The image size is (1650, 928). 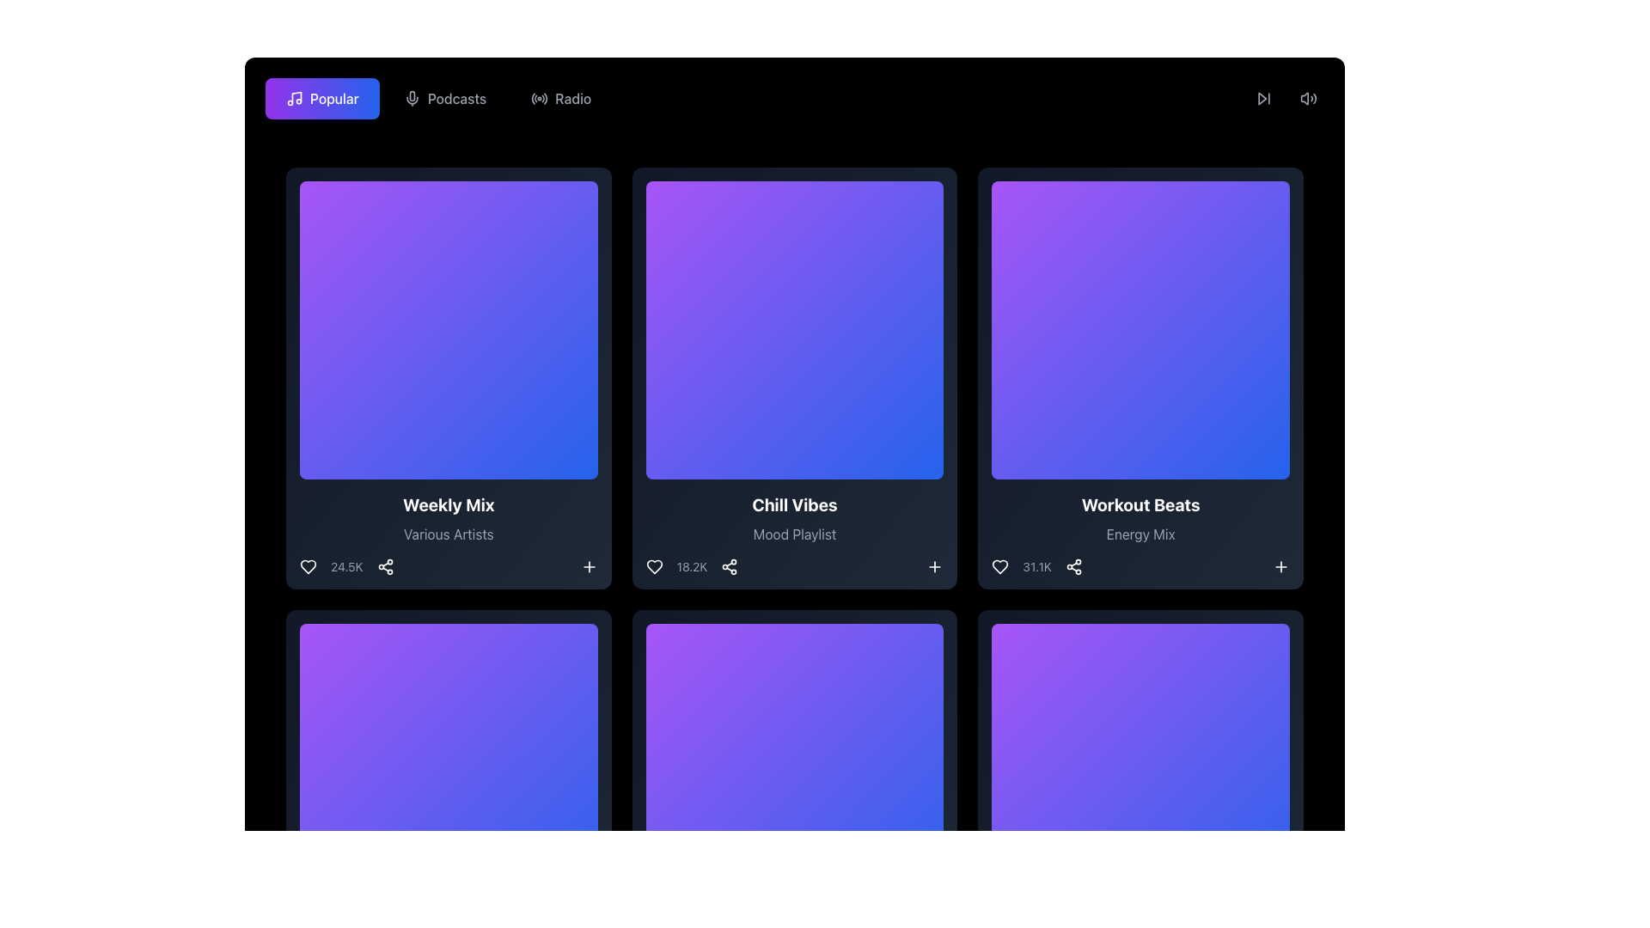 What do you see at coordinates (1072, 566) in the screenshot?
I see `the share button located` at bounding box center [1072, 566].